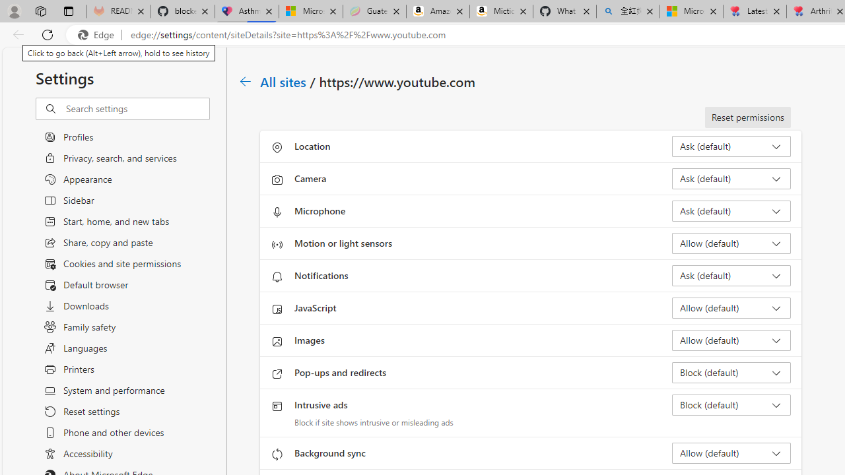 The image size is (845, 475). Describe the element at coordinates (730, 452) in the screenshot. I see `'Background sync Allow (default)'` at that location.